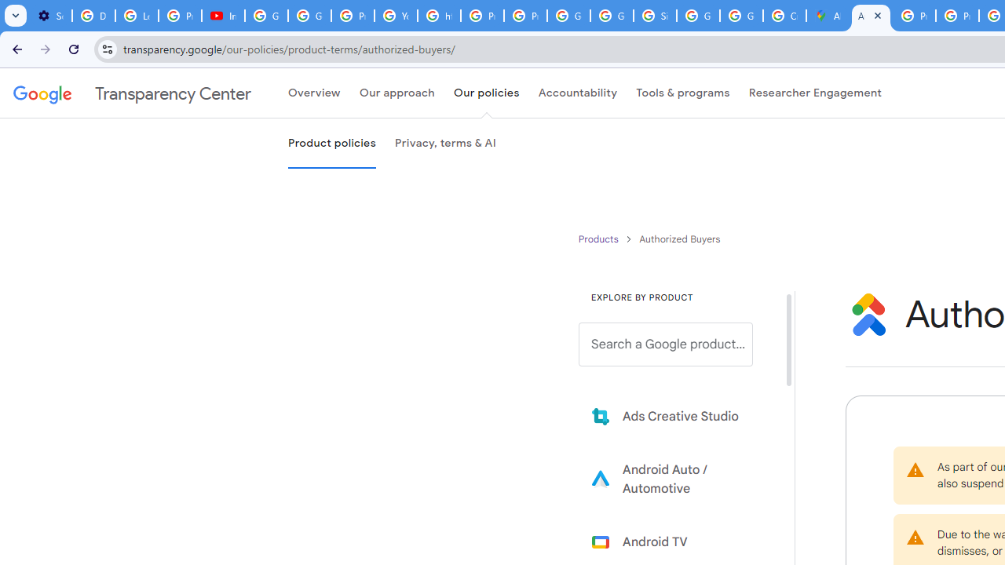 This screenshot has width=1005, height=565. Describe the element at coordinates (677, 416) in the screenshot. I see `'Learn more about Ads Creative Studio'` at that location.